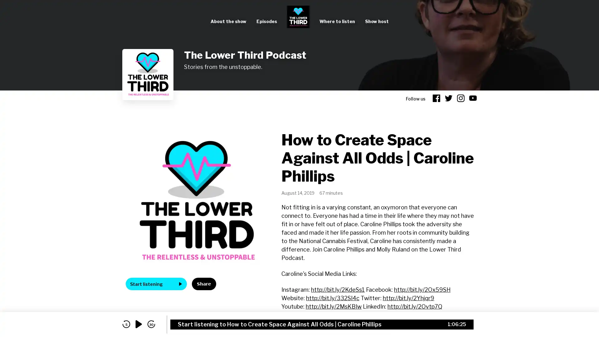  What do you see at coordinates (139, 324) in the screenshot?
I see `play audio` at bounding box center [139, 324].